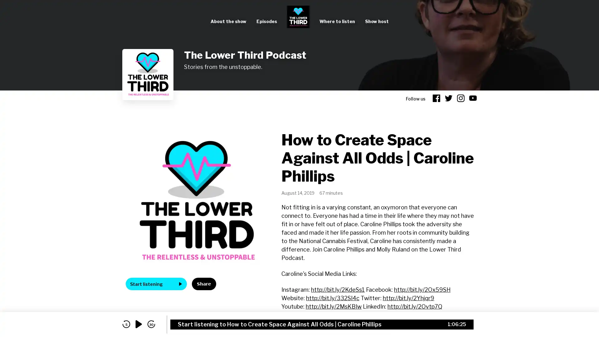  What do you see at coordinates (139, 324) in the screenshot?
I see `play audio` at bounding box center [139, 324].